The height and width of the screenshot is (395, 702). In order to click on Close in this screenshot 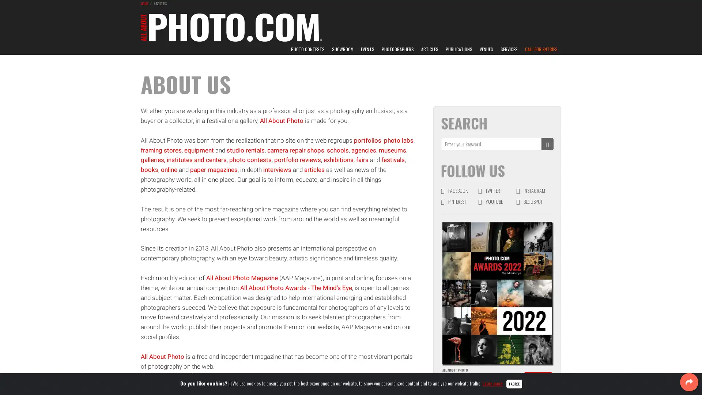, I will do `click(513, 383)`.